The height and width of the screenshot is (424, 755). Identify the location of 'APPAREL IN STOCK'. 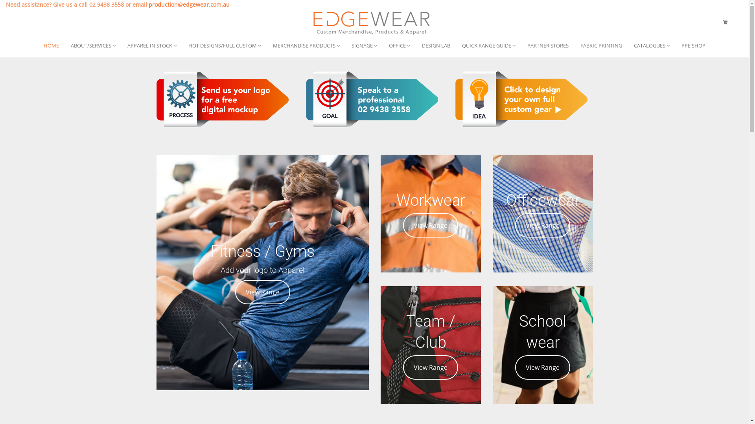
(152, 45).